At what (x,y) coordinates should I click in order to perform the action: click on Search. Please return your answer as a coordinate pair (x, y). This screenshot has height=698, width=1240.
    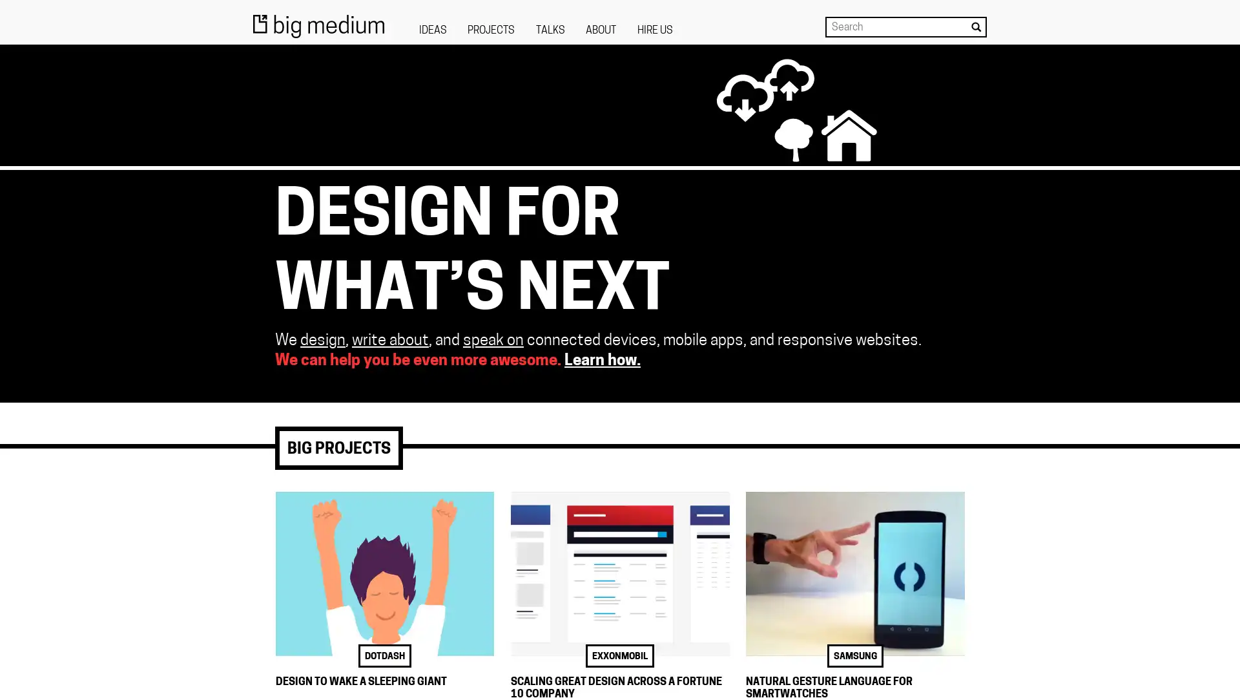
    Looking at the image, I should click on (976, 26).